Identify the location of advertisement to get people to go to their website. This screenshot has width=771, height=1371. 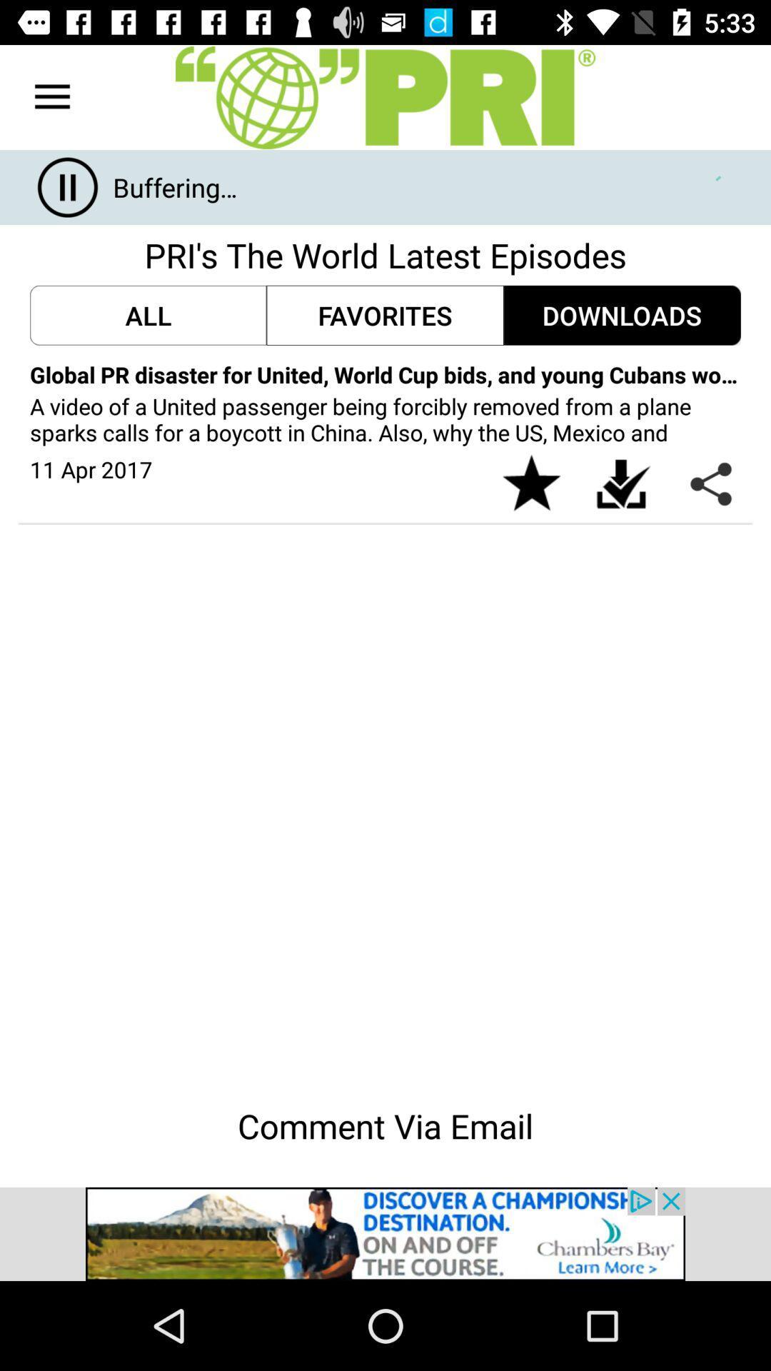
(385, 1233).